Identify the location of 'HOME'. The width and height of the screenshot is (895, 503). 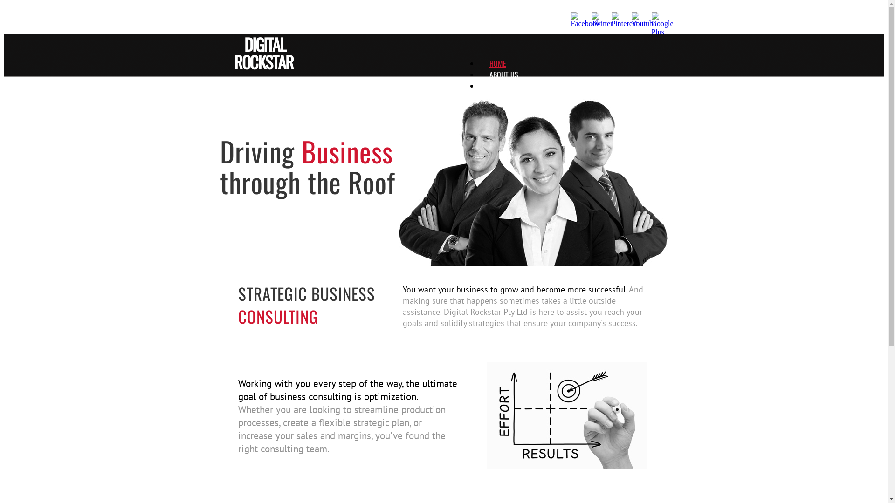
(497, 63).